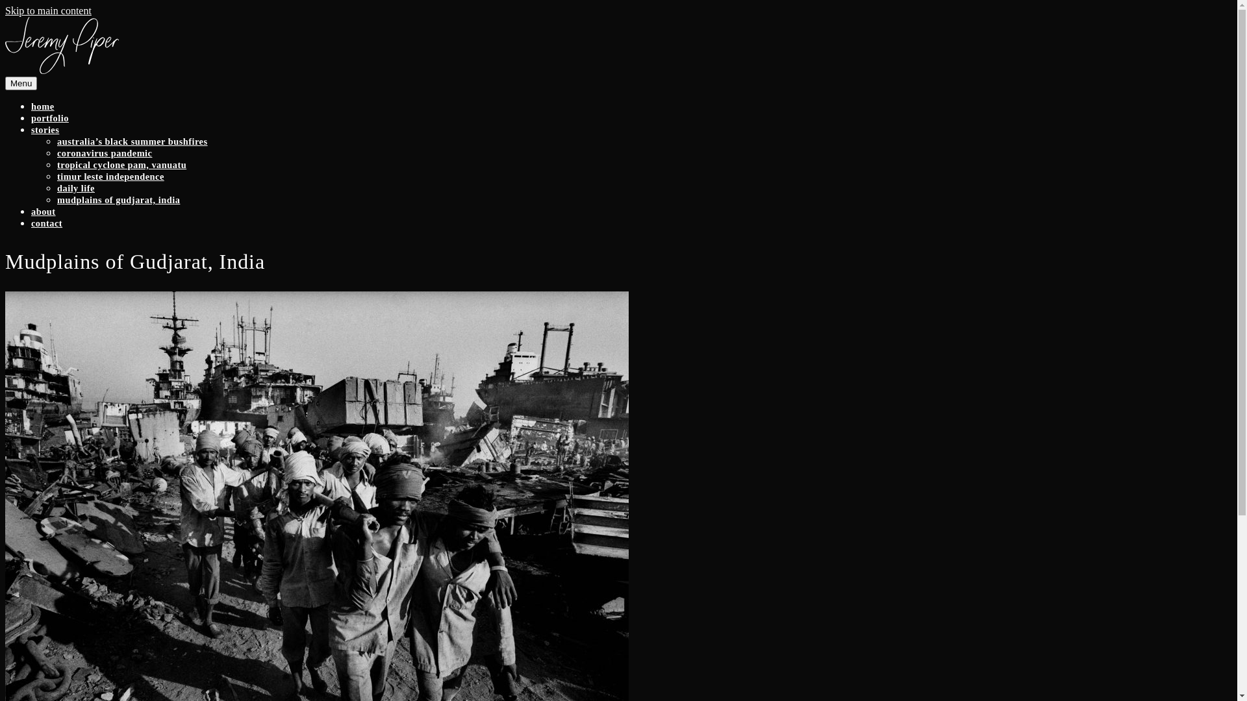 The image size is (1247, 701). I want to click on 'coronavirus pandemic', so click(56, 152).